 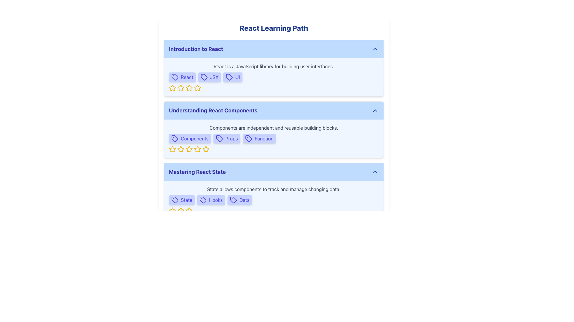 What do you see at coordinates (172, 210) in the screenshot?
I see `the first star icon in the rating system within the 'Mastering React State' section` at bounding box center [172, 210].